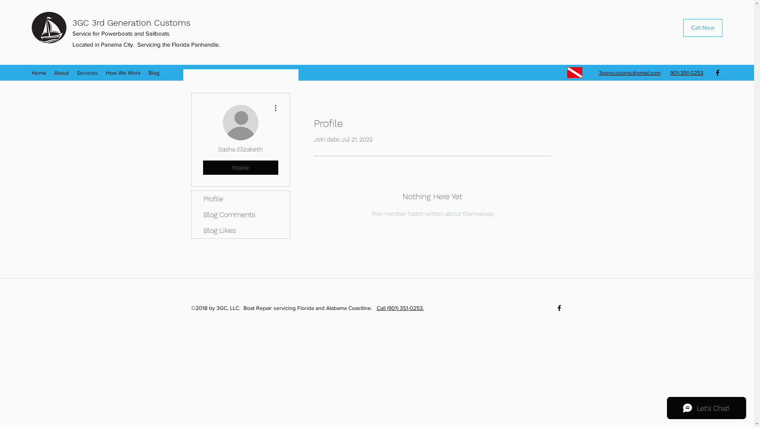 This screenshot has width=760, height=427. What do you see at coordinates (87, 73) in the screenshot?
I see `'Services'` at bounding box center [87, 73].